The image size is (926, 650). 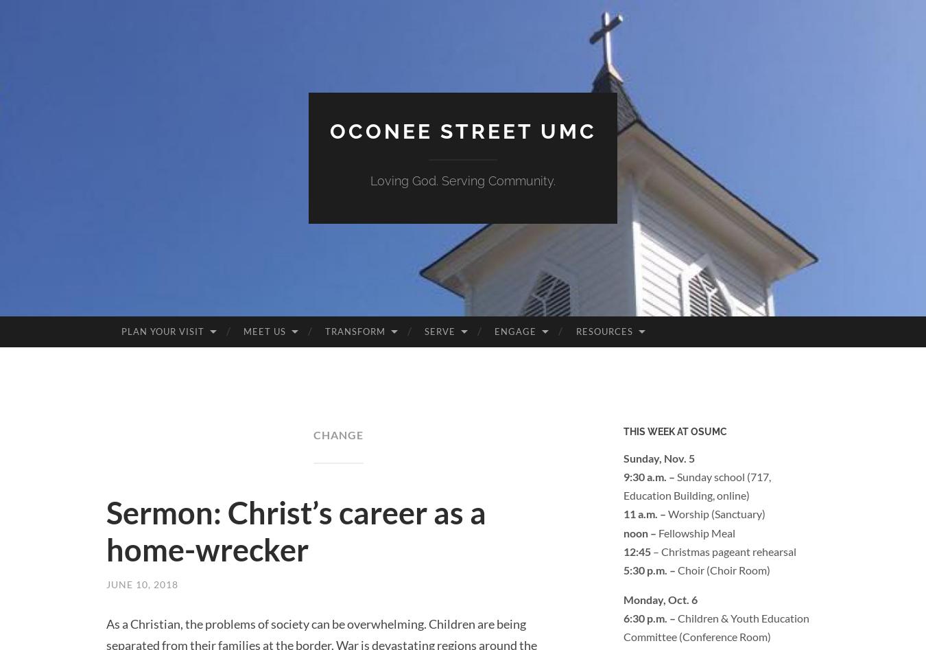 I want to click on 'noon –', so click(x=640, y=532).